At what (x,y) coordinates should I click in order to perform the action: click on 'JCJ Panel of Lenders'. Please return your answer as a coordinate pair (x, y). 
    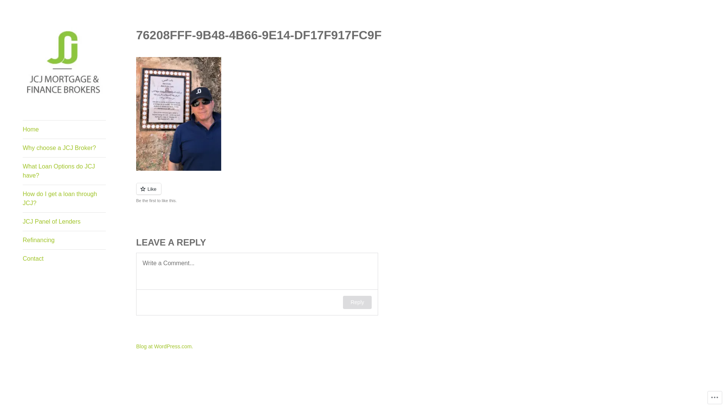
    Looking at the image, I should click on (64, 221).